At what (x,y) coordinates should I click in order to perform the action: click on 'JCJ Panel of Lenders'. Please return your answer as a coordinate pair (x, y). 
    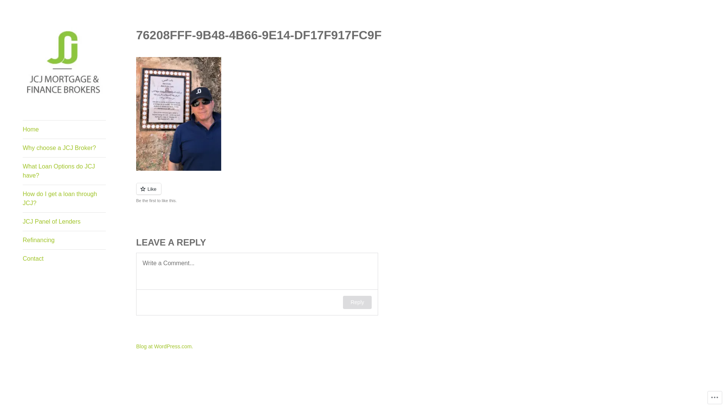
    Looking at the image, I should click on (64, 221).